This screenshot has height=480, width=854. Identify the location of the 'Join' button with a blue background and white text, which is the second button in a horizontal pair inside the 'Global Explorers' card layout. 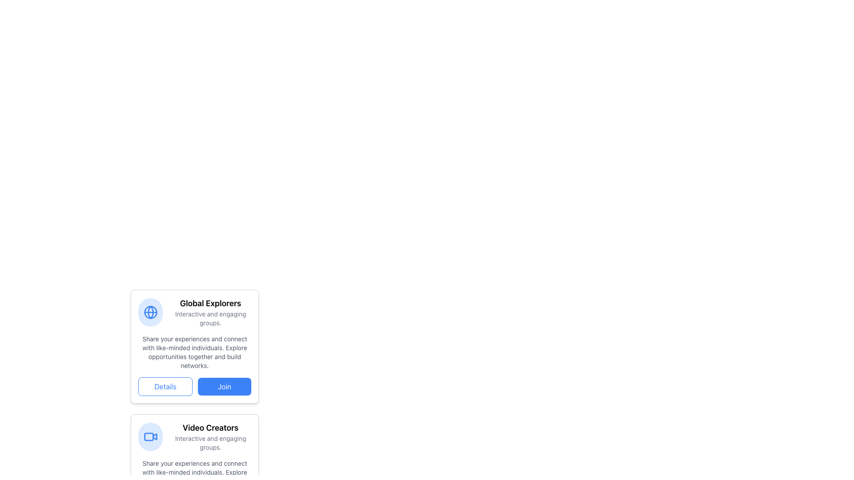
(224, 386).